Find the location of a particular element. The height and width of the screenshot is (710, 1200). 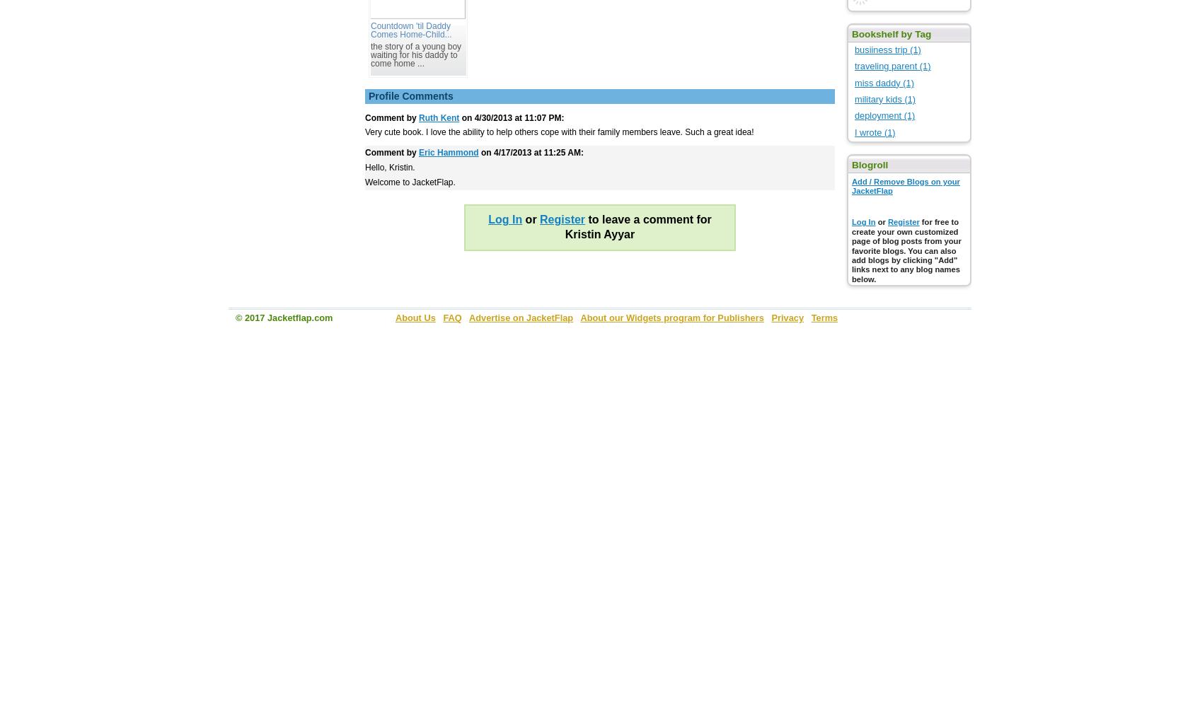

'About our Widgets program for Publishers' is located at coordinates (579, 317).